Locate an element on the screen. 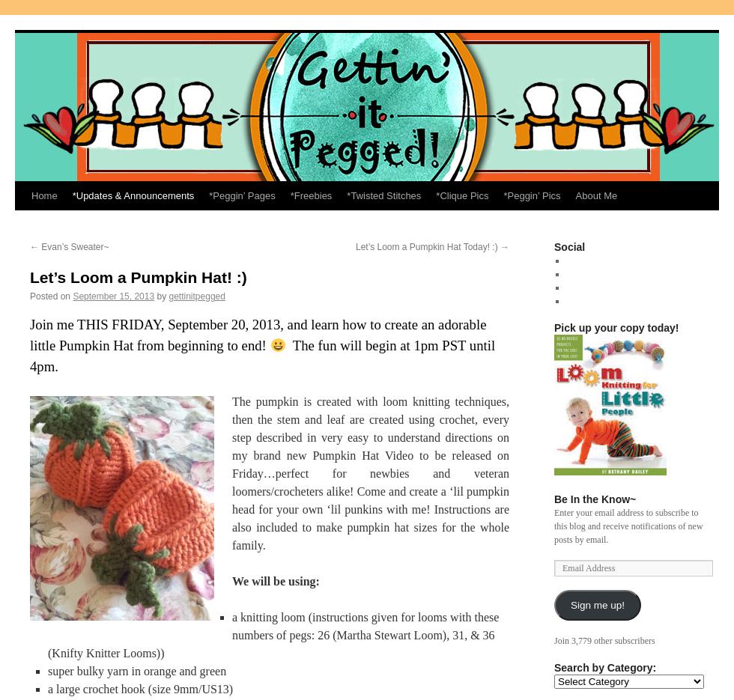  'Be In the Know~' is located at coordinates (595, 499).